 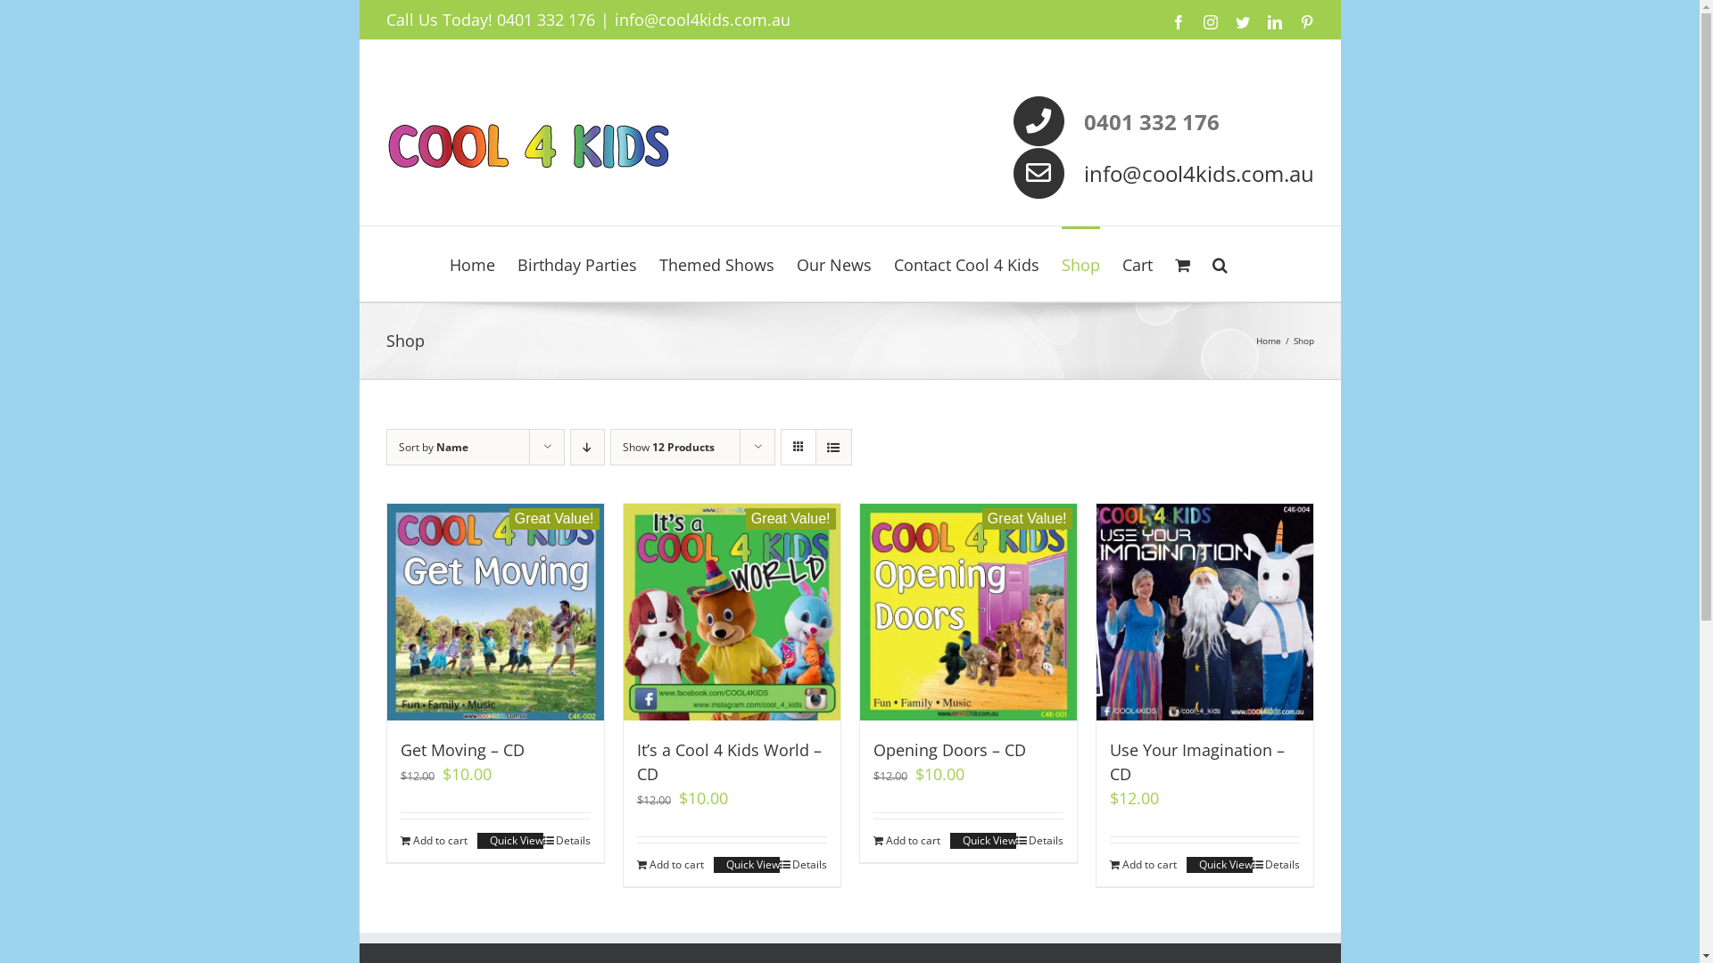 I want to click on 'Our News', so click(x=833, y=264).